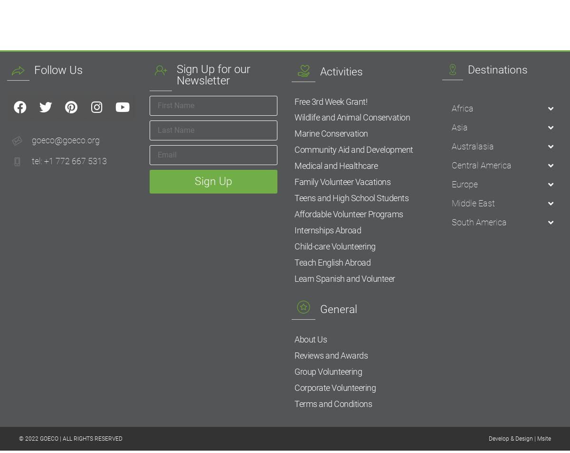  What do you see at coordinates (462, 108) in the screenshot?
I see `'Africa'` at bounding box center [462, 108].